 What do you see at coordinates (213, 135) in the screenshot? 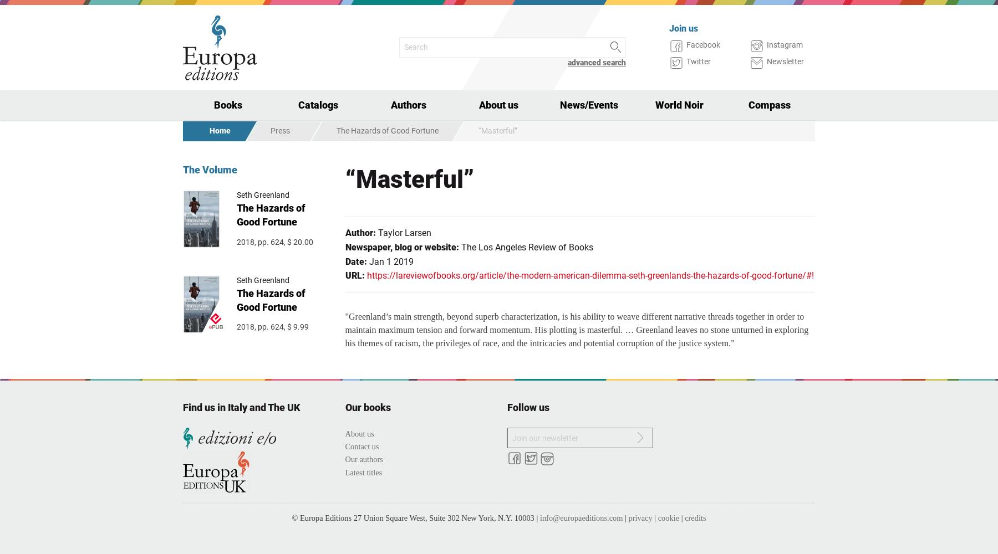
I see `'Newest'` at bounding box center [213, 135].